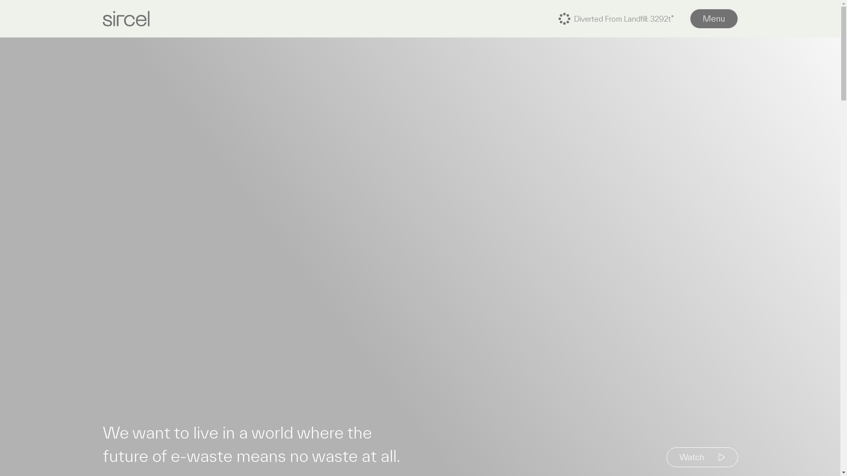 Image resolution: width=847 pixels, height=476 pixels. What do you see at coordinates (714, 19) in the screenshot?
I see `'Menu'` at bounding box center [714, 19].